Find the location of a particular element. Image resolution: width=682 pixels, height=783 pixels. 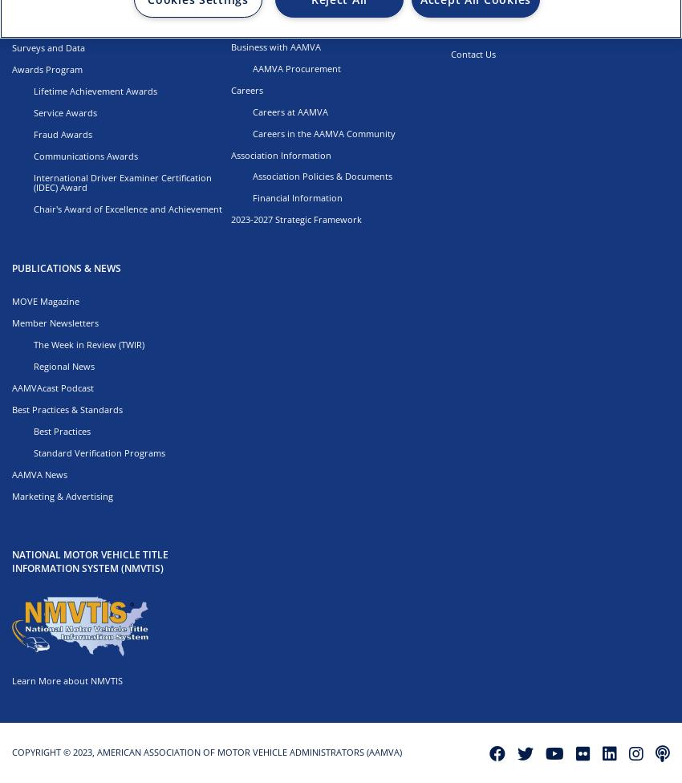

'Surveys and Data' is located at coordinates (48, 47).